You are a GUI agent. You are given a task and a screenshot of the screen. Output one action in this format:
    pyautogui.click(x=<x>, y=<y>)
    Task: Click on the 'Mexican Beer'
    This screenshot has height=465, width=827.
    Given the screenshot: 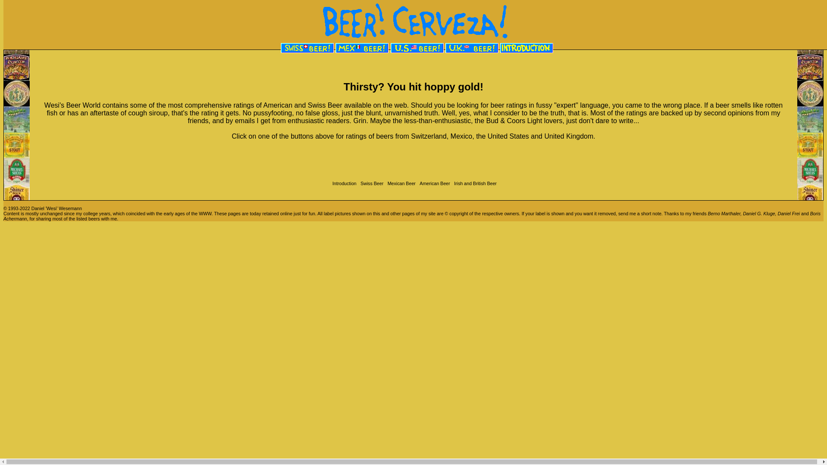 What is the action you would take?
    pyautogui.click(x=385, y=183)
    